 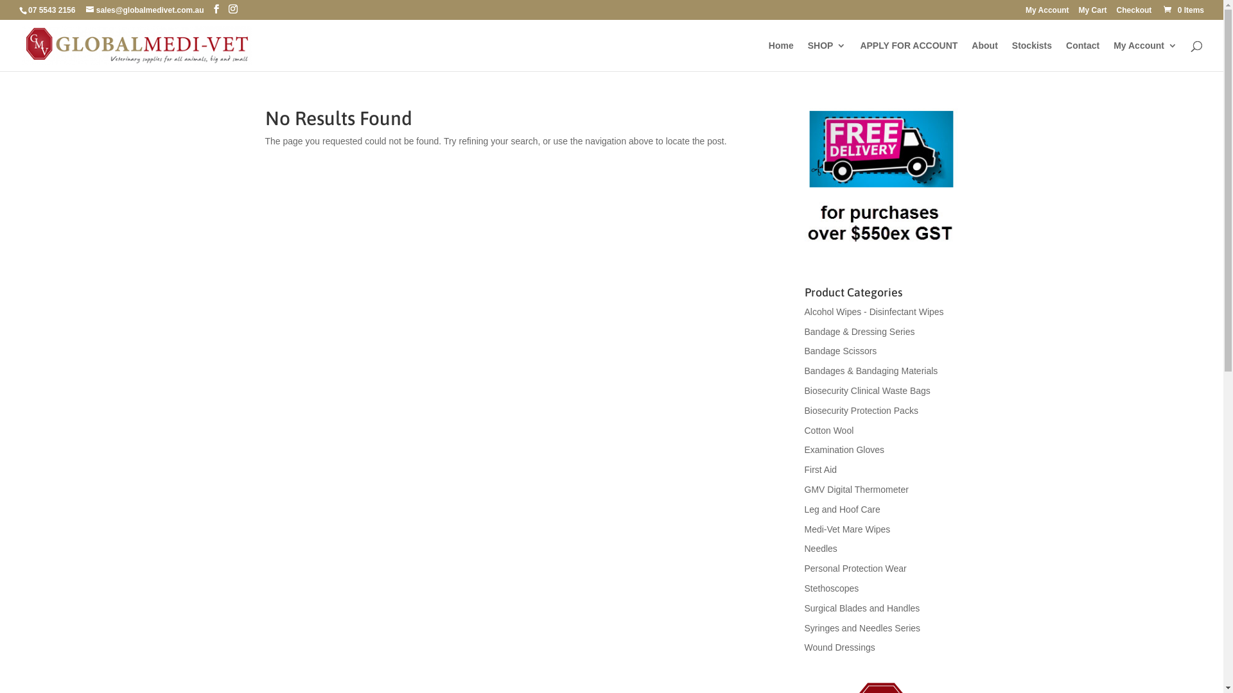 What do you see at coordinates (860, 55) in the screenshot?
I see `'APPLY FOR ACCOUNT'` at bounding box center [860, 55].